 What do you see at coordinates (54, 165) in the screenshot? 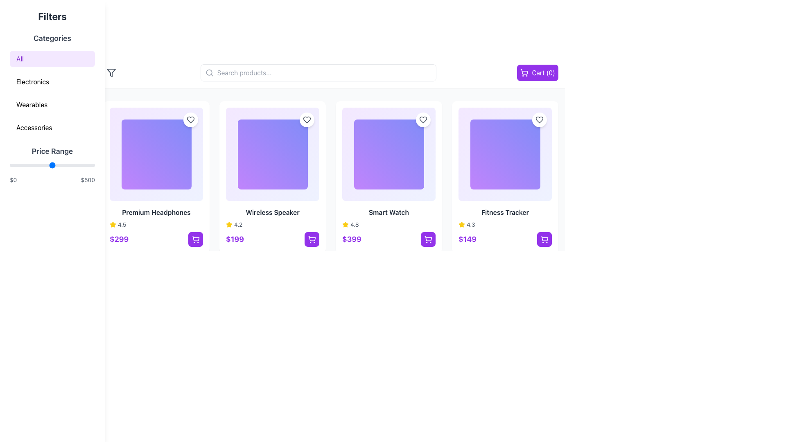
I see `the price range slider` at bounding box center [54, 165].